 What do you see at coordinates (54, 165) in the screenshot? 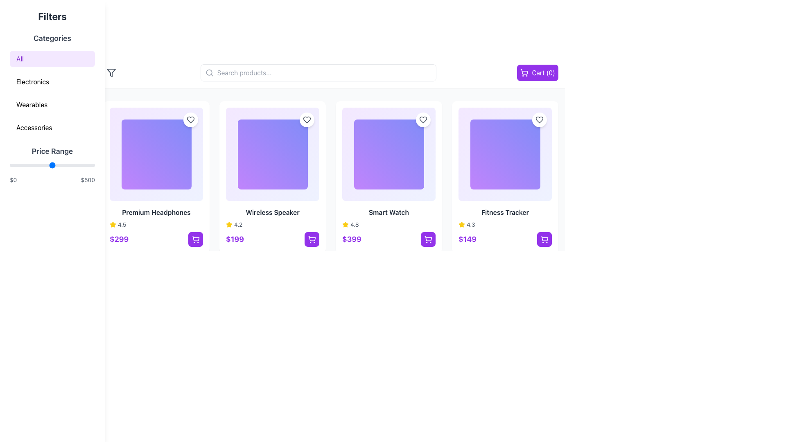
I see `the price range slider` at bounding box center [54, 165].